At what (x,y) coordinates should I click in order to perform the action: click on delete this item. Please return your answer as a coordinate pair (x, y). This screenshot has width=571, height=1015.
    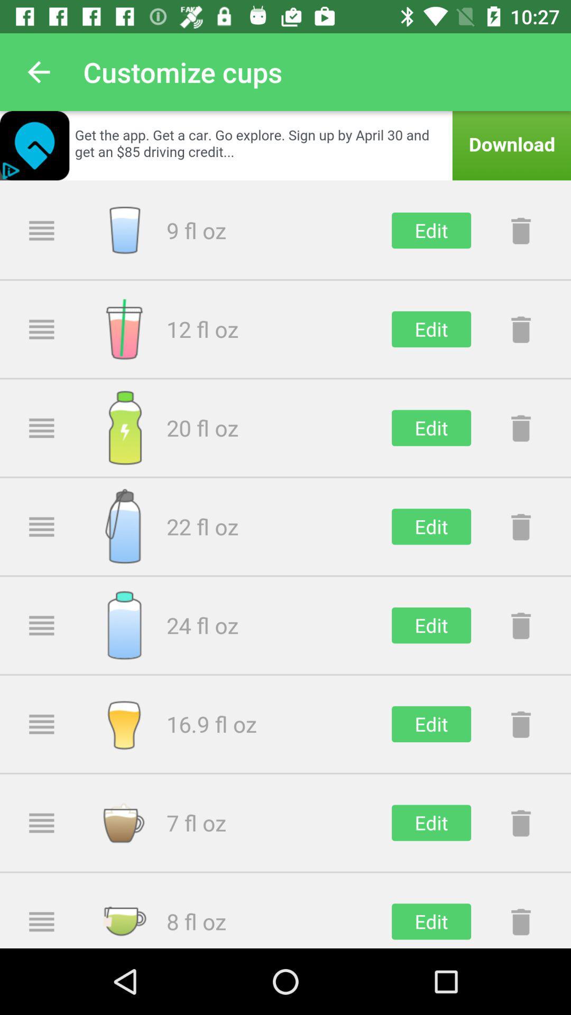
    Looking at the image, I should click on (520, 625).